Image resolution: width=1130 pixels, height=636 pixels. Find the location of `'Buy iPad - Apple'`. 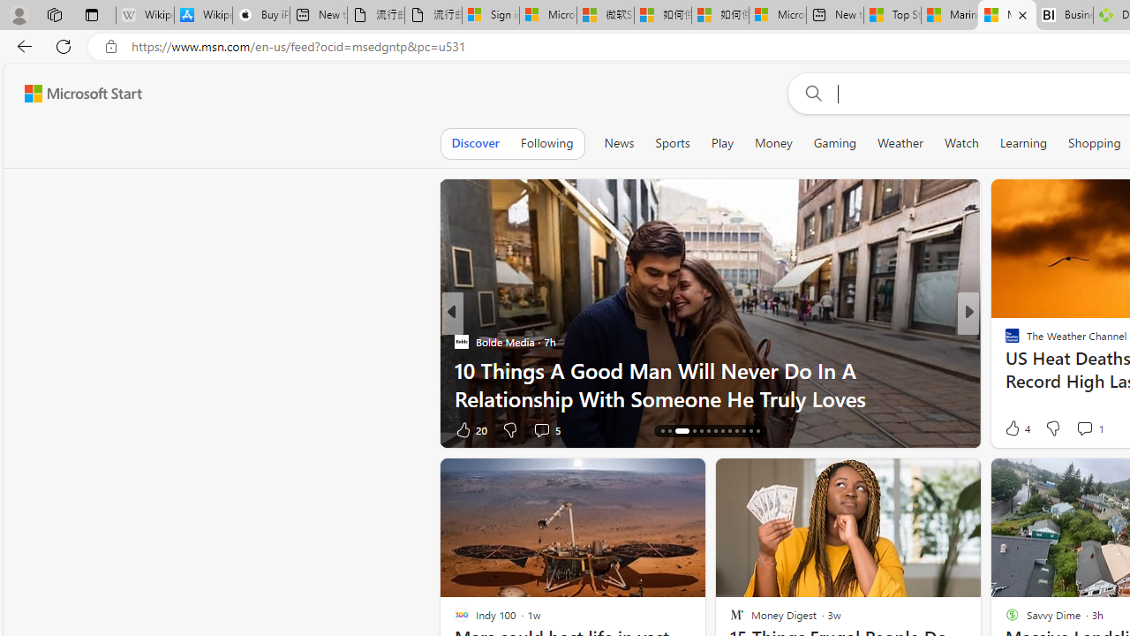

'Buy iPad - Apple' is located at coordinates (260, 15).